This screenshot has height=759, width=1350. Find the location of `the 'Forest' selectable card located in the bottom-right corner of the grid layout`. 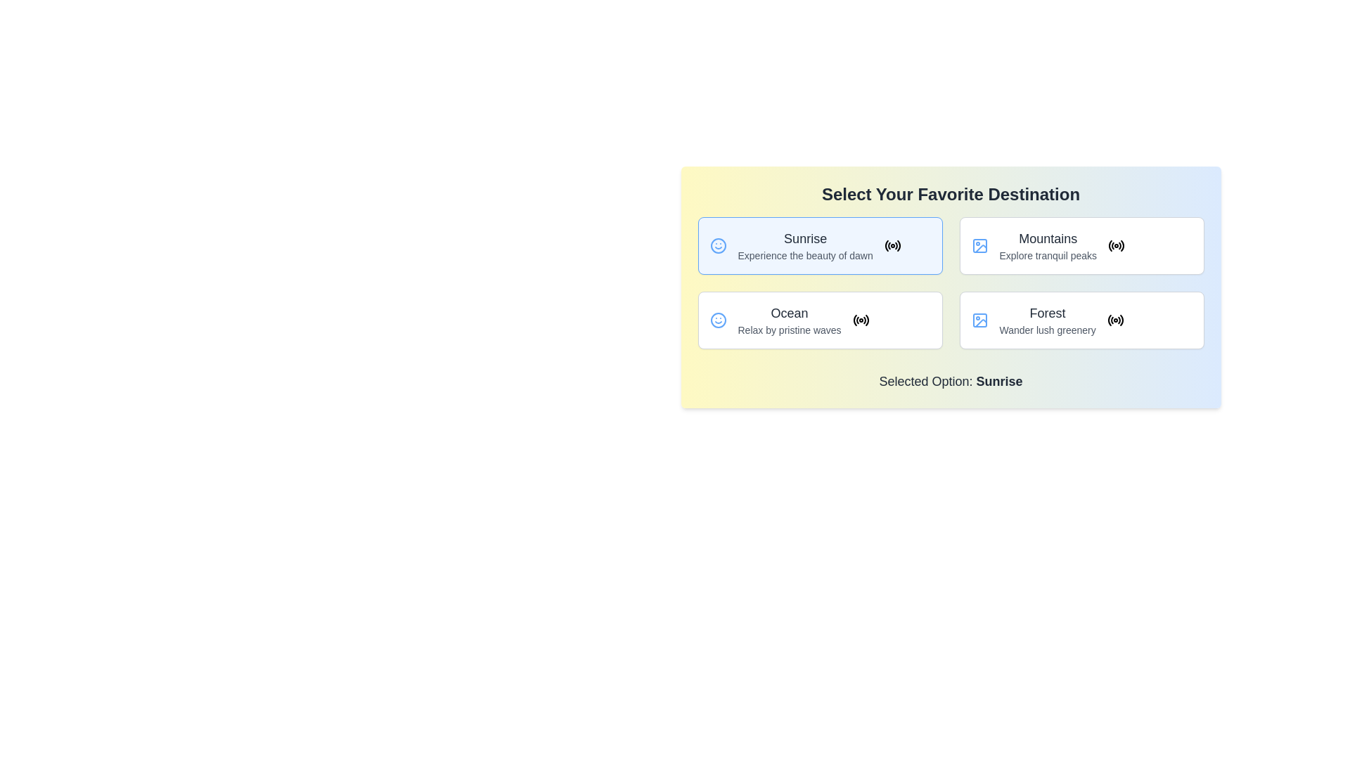

the 'Forest' selectable card located in the bottom-right corner of the grid layout is located at coordinates (1081, 320).